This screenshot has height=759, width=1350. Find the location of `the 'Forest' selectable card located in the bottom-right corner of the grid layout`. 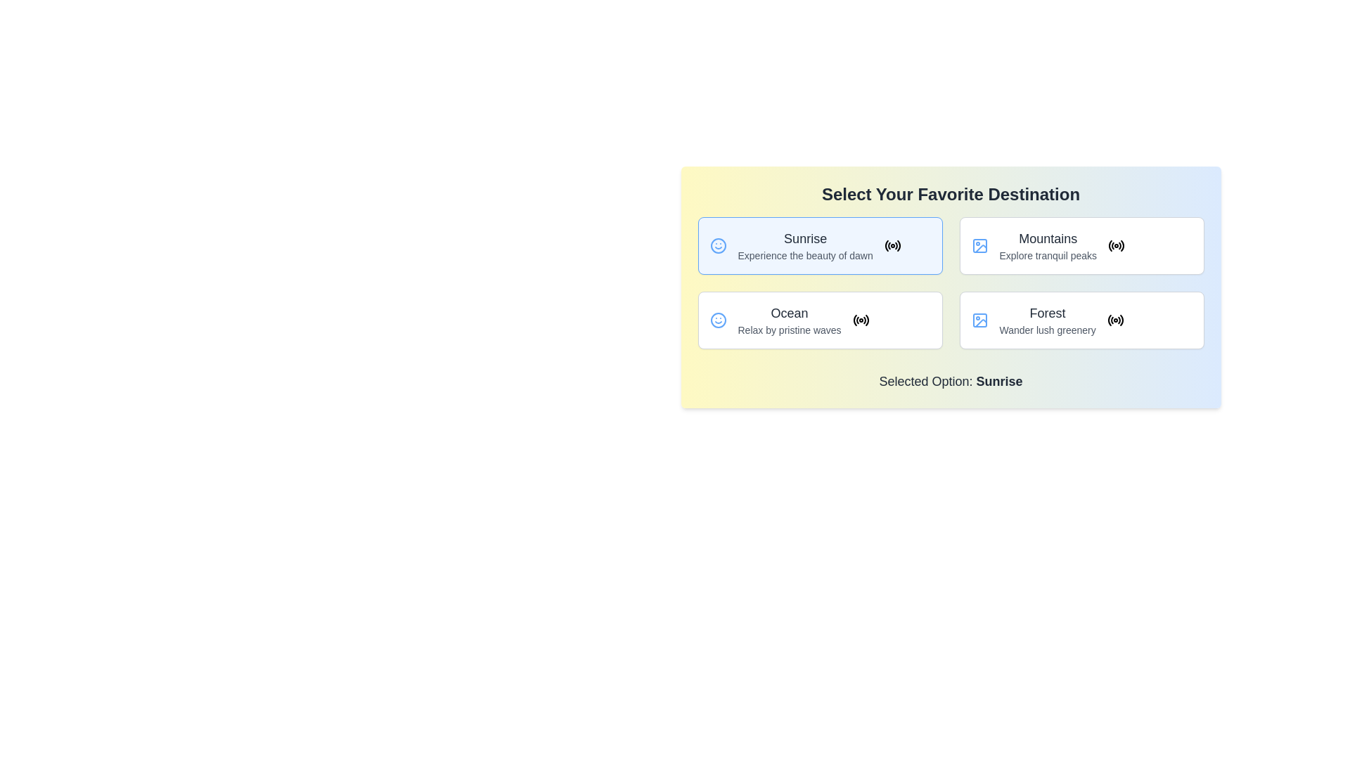

the 'Forest' selectable card located in the bottom-right corner of the grid layout is located at coordinates (1081, 320).